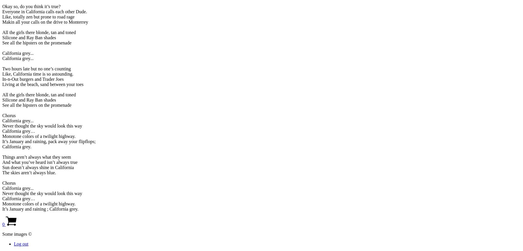 Image resolution: width=523 pixels, height=251 pixels. I want to click on 'The skies aren’t always blue.', so click(29, 172).